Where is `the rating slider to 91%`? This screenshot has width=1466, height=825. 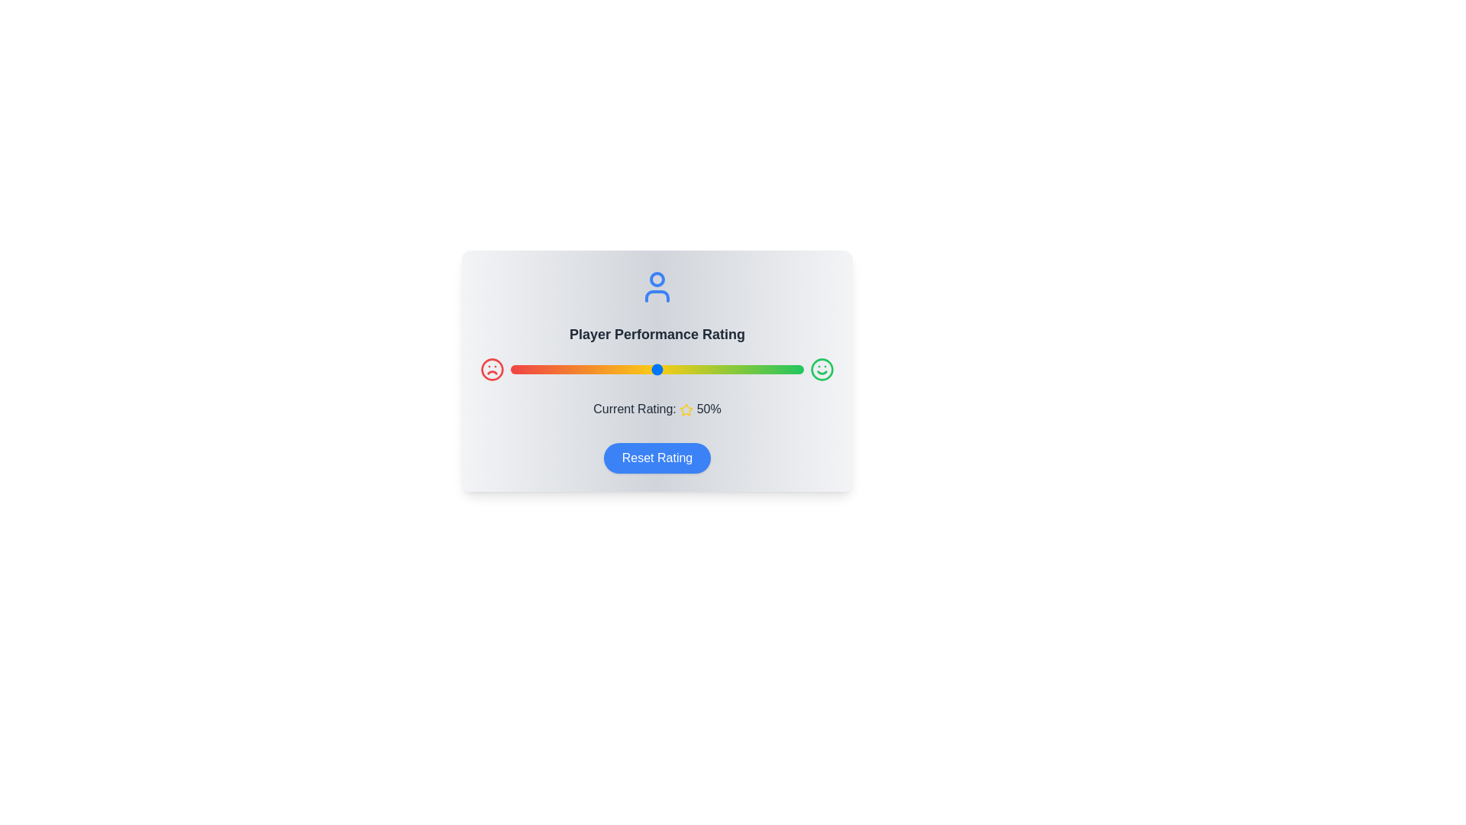 the rating slider to 91% is located at coordinates (777, 369).